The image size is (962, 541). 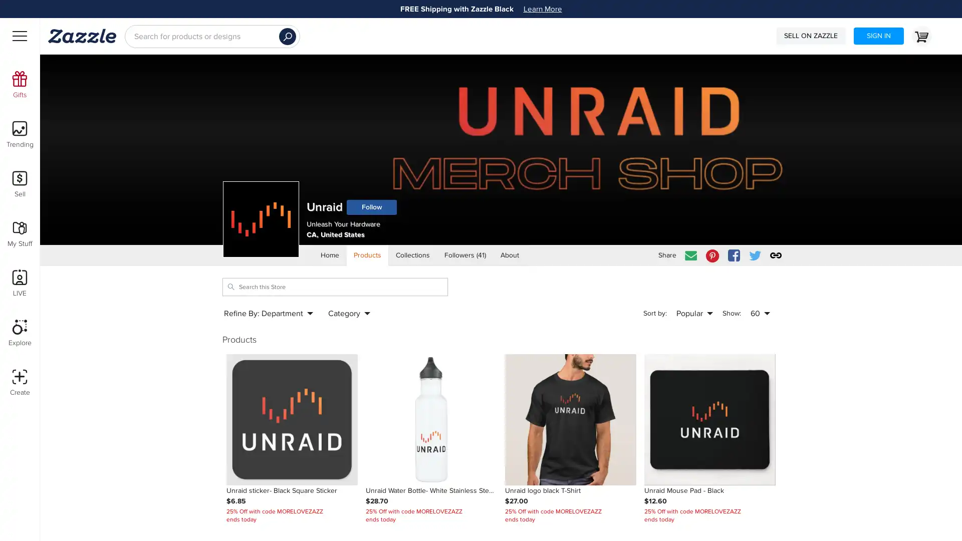 What do you see at coordinates (487, 363) in the screenshot?
I see `Like` at bounding box center [487, 363].